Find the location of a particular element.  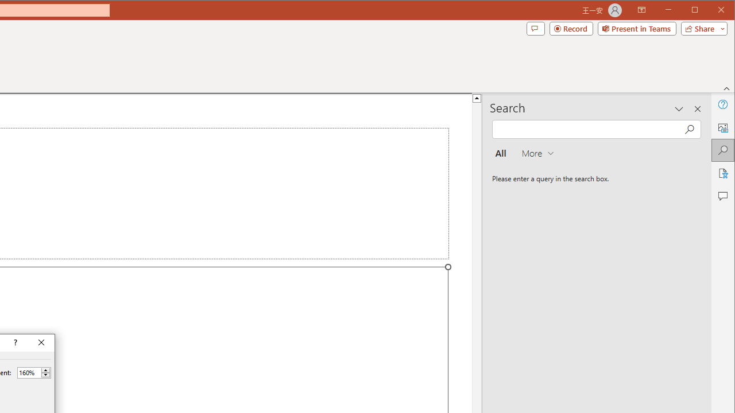

'Percent' is located at coordinates (29, 372).